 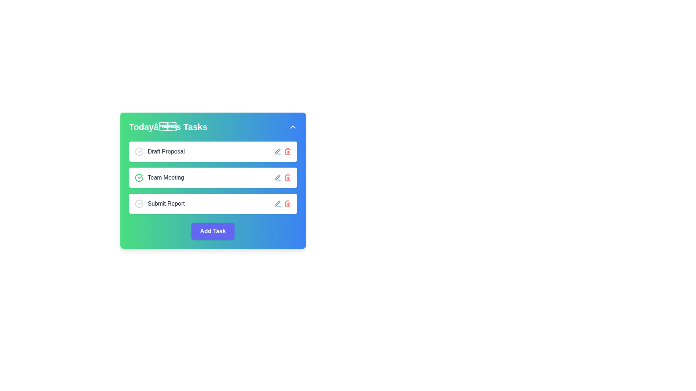 I want to click on the 'Draft Proposal' label with the circular checkmark icon located in the topmost task item of the task list interface, so click(x=159, y=151).